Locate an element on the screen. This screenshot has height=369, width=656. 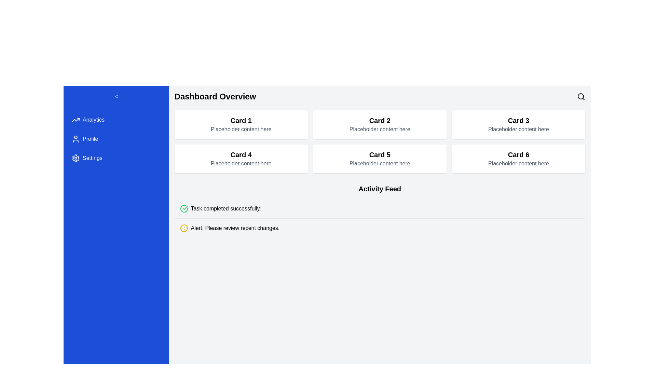
the Text label located in the center-right section below the title 'Card 5' in the second row of cards is located at coordinates (379, 163).